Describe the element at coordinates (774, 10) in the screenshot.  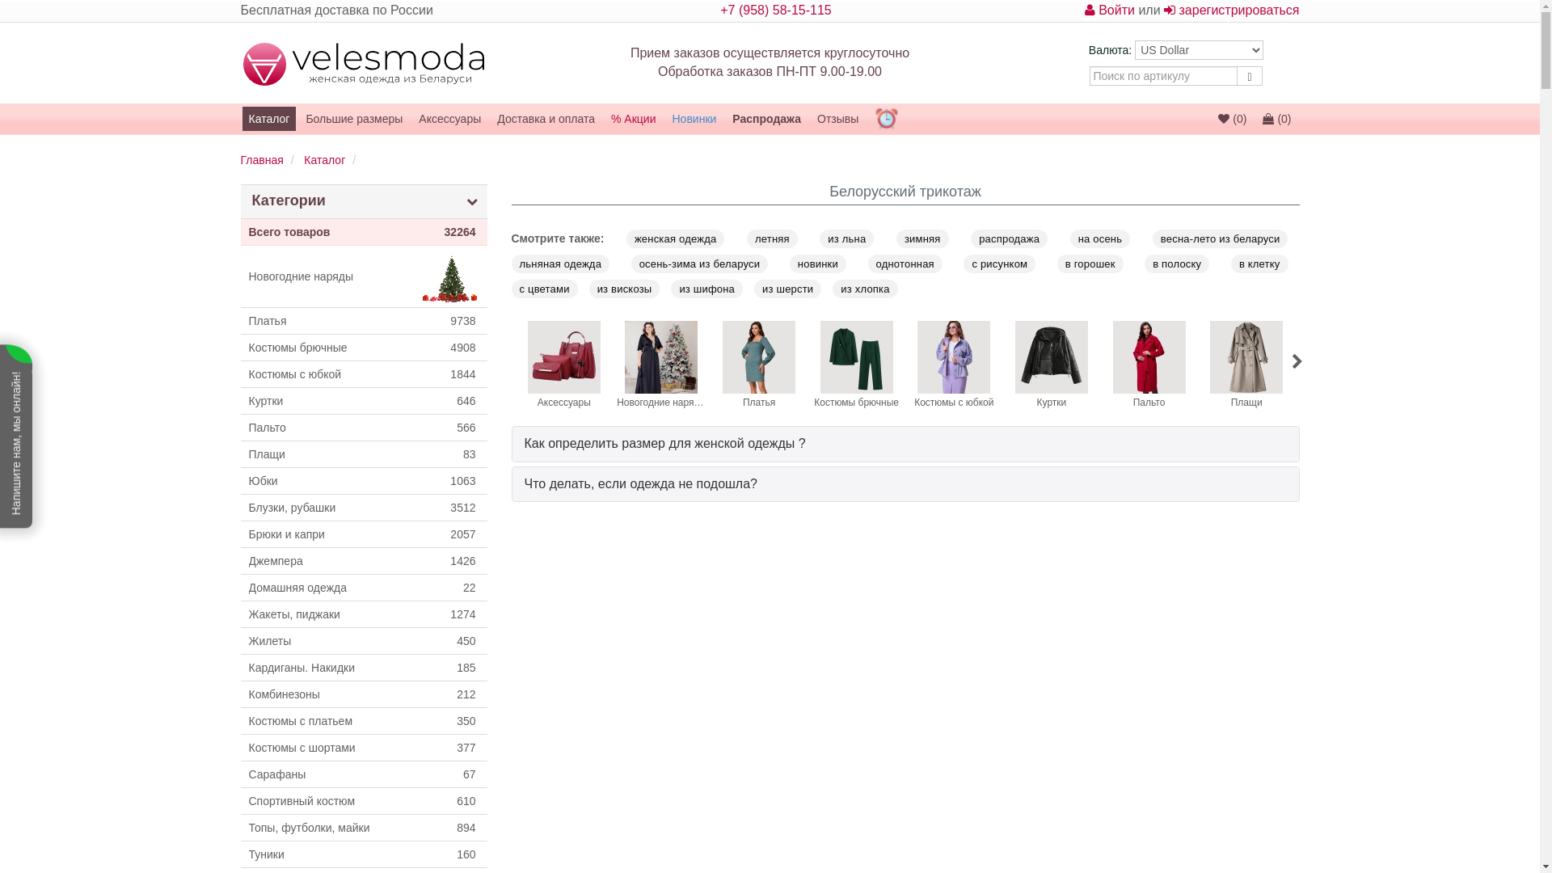
I see `'+7 (958) 58-15-115'` at that location.